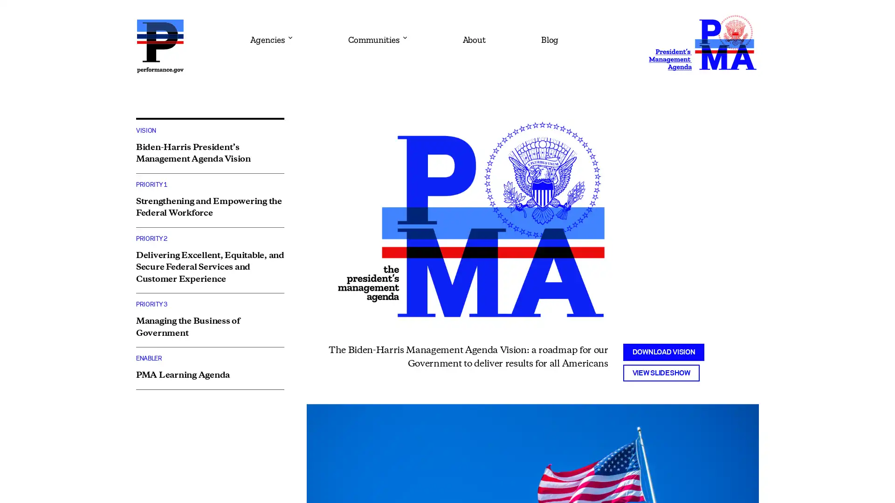 The image size is (895, 503). Describe the element at coordinates (377, 36) in the screenshot. I see `Communities` at that location.